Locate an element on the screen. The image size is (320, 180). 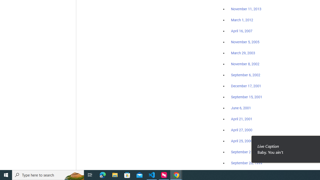
'March 1, 2012' is located at coordinates (242, 20).